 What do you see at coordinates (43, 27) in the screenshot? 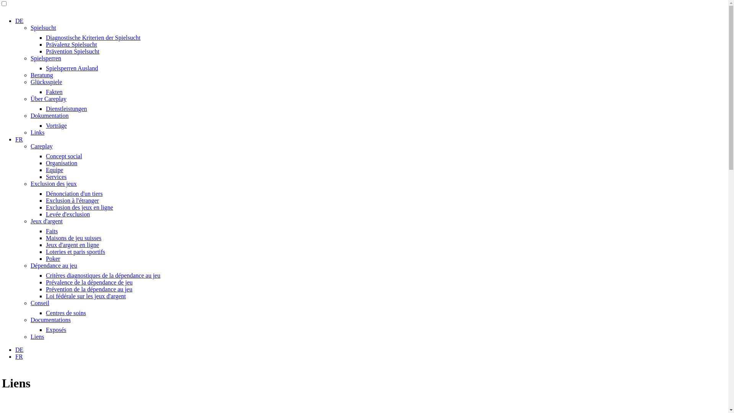
I see `'Spielsucht'` at bounding box center [43, 27].